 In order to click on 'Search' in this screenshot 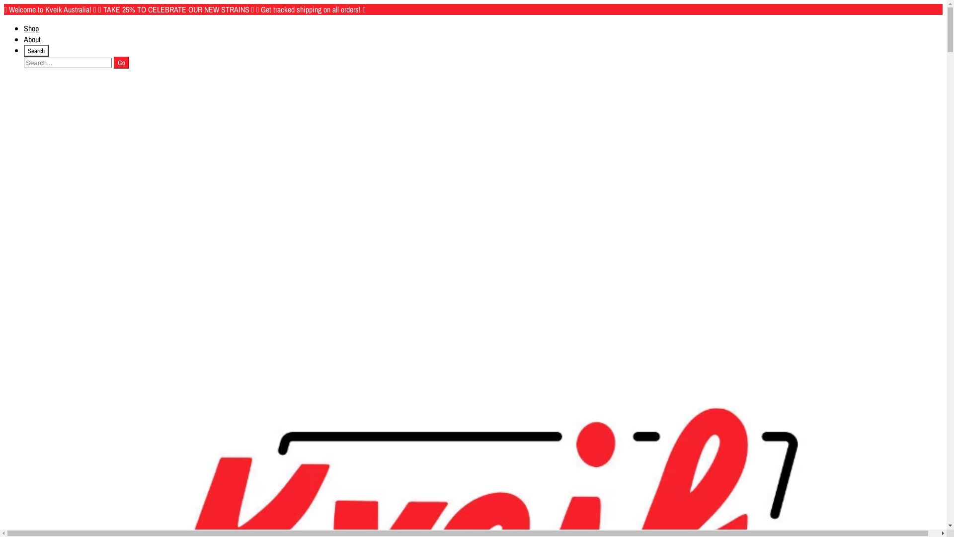, I will do `click(36, 50)`.